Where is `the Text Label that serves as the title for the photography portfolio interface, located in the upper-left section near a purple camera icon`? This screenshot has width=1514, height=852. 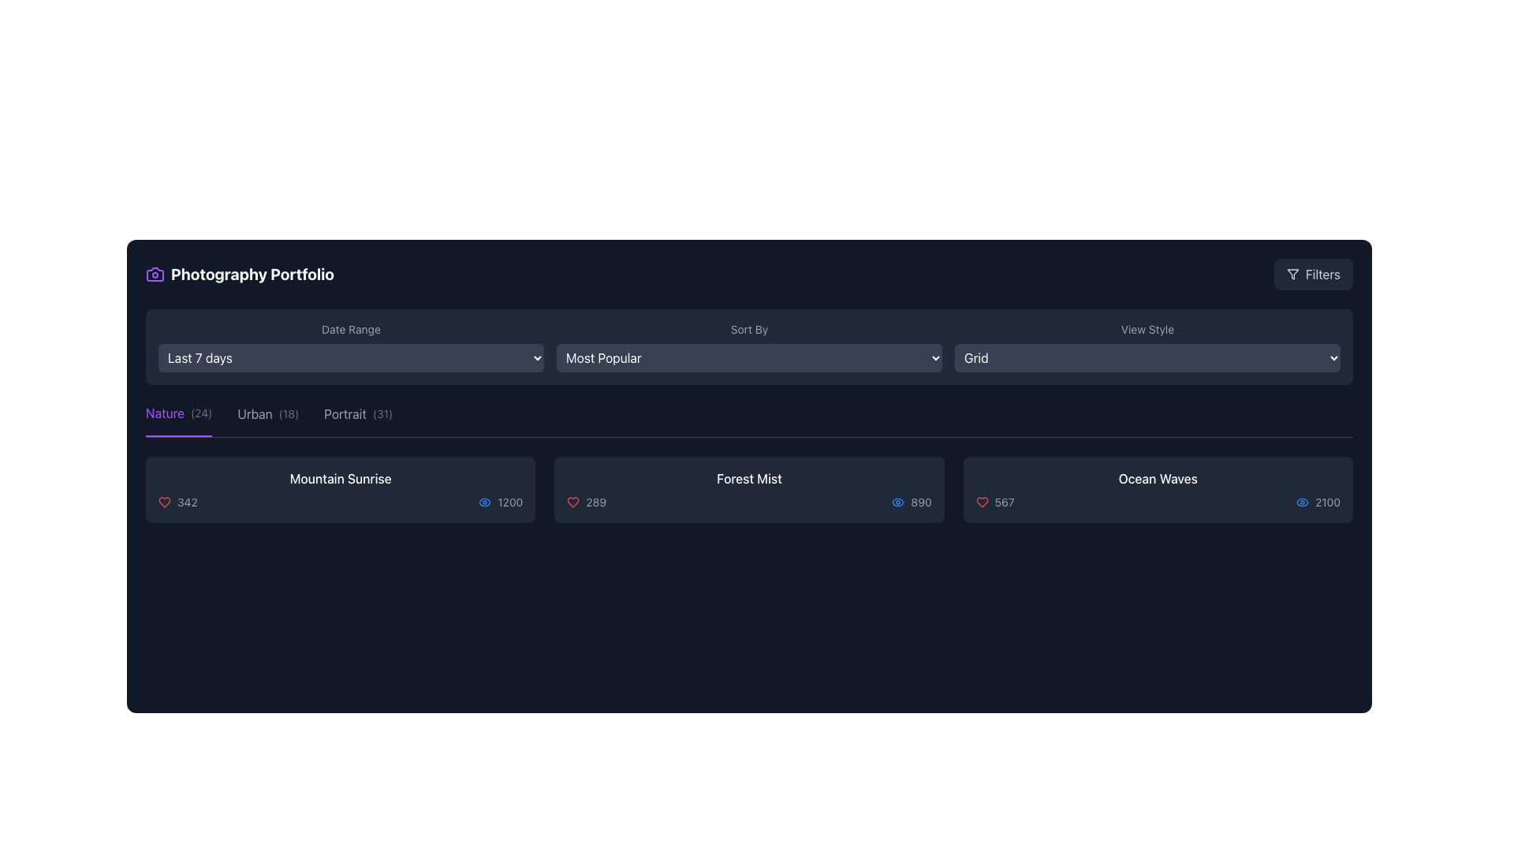
the Text Label that serves as the title for the photography portfolio interface, located in the upper-left section near a purple camera icon is located at coordinates (252, 273).